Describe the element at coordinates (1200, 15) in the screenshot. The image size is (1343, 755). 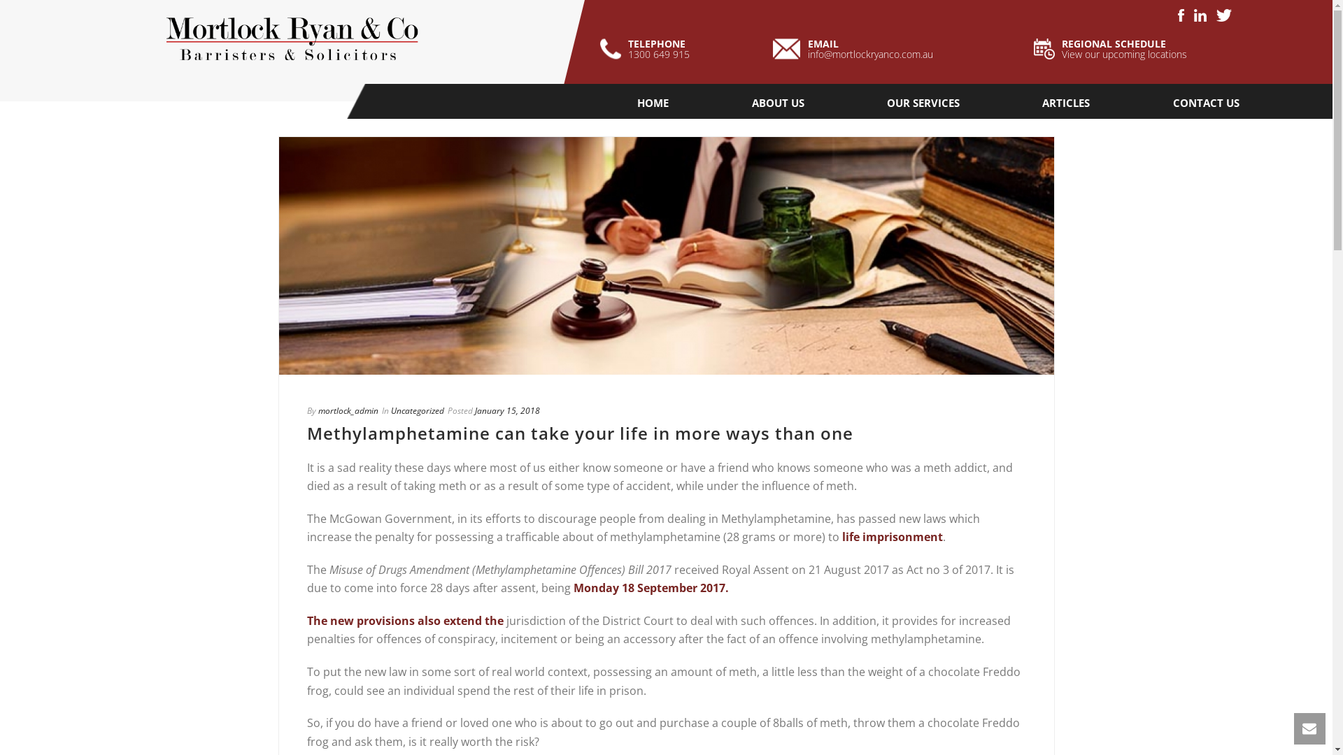
I see `'linkedin'` at that location.